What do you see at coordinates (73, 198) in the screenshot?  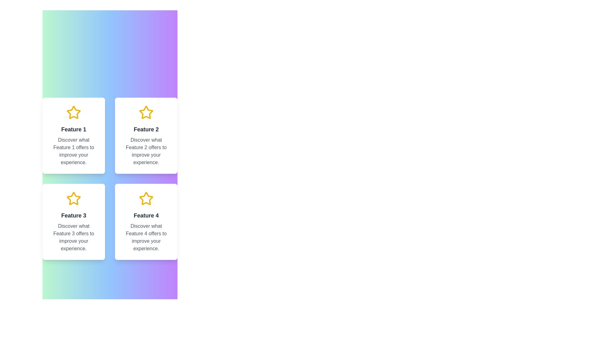 I see `the star-shaped icon with a yellow outline located at the top-center of the 'Feature 3' card` at bounding box center [73, 198].